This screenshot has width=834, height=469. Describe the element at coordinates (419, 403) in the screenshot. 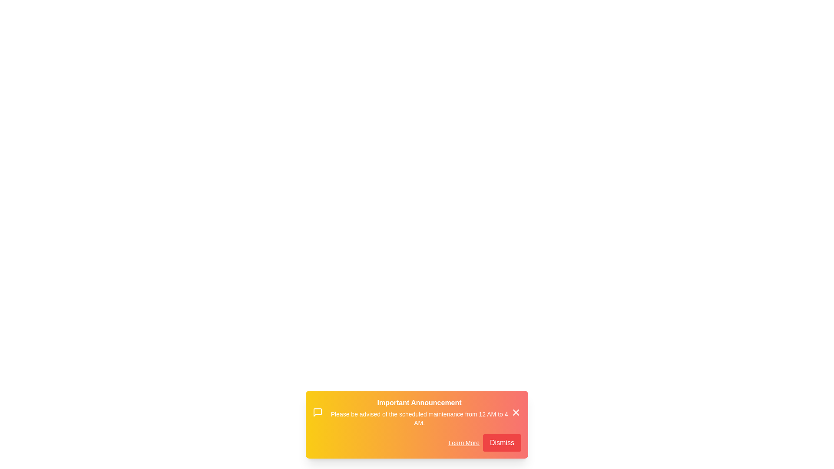

I see `the Text Label at the top of the notification panel that serves as the header for the message` at that location.